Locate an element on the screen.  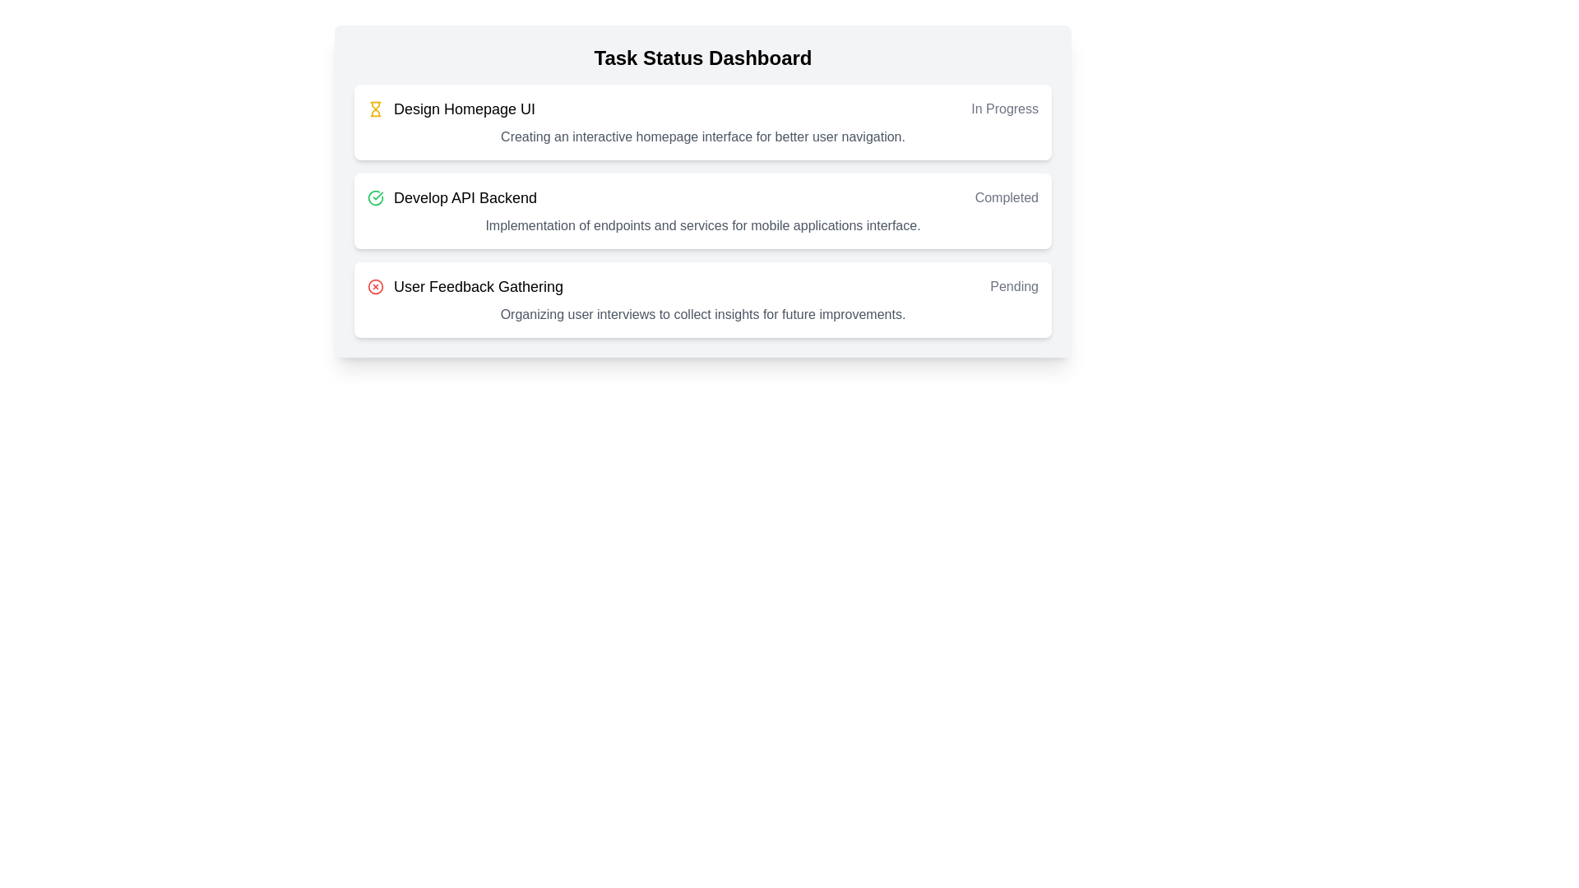
the text label indicating the status of the corresponding task, which is marked as 'Completed' and is located within the second task card adjacent to the task title 'Develop API Backend' is located at coordinates (1006, 197).